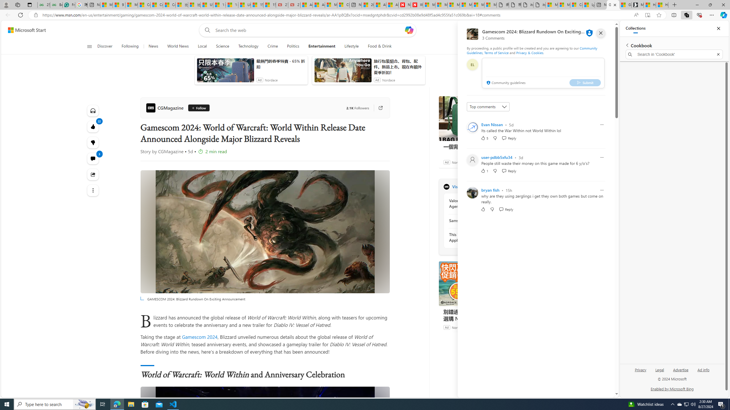  Describe the element at coordinates (248, 46) in the screenshot. I see `'Technology'` at that location.